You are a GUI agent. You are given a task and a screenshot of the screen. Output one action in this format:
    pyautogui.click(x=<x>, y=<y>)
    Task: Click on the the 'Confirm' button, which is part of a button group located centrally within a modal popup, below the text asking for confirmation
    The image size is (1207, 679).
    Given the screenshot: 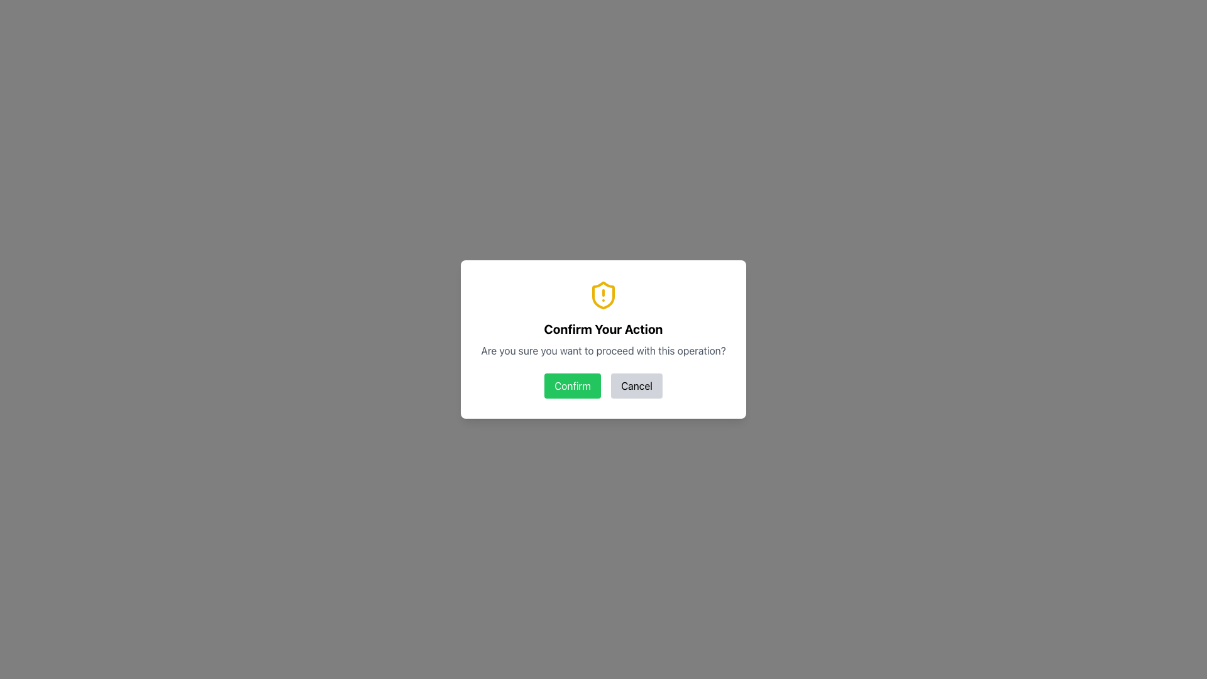 What is the action you would take?
    pyautogui.click(x=603, y=385)
    